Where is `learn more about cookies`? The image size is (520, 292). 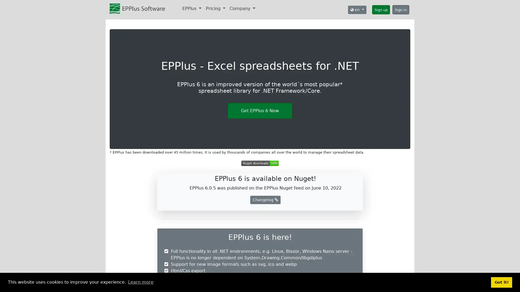 learn more about cookies is located at coordinates (141, 282).